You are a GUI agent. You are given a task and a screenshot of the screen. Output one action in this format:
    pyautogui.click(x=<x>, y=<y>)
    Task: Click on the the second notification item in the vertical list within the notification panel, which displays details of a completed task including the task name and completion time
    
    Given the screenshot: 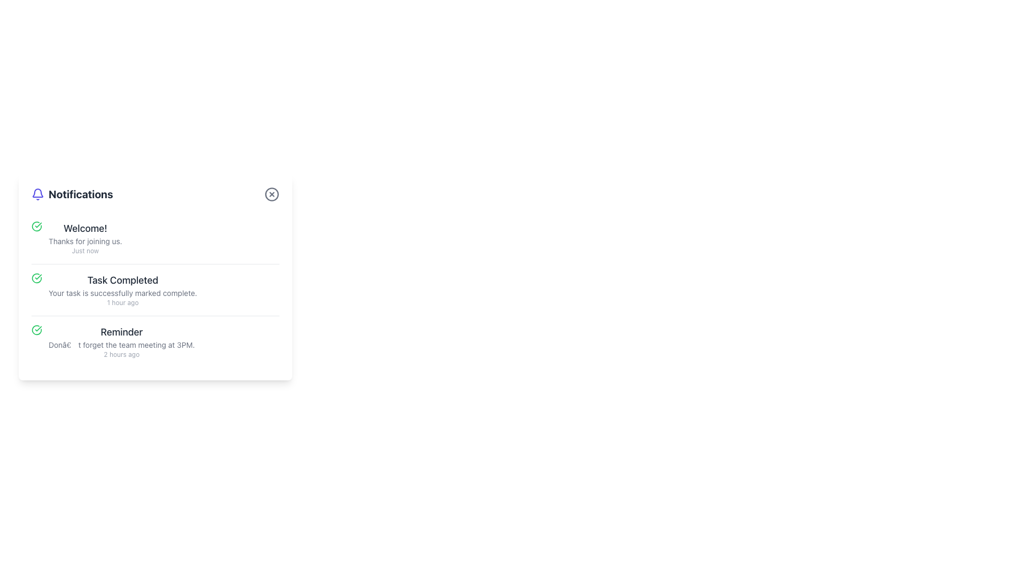 What is the action you would take?
    pyautogui.click(x=155, y=290)
    